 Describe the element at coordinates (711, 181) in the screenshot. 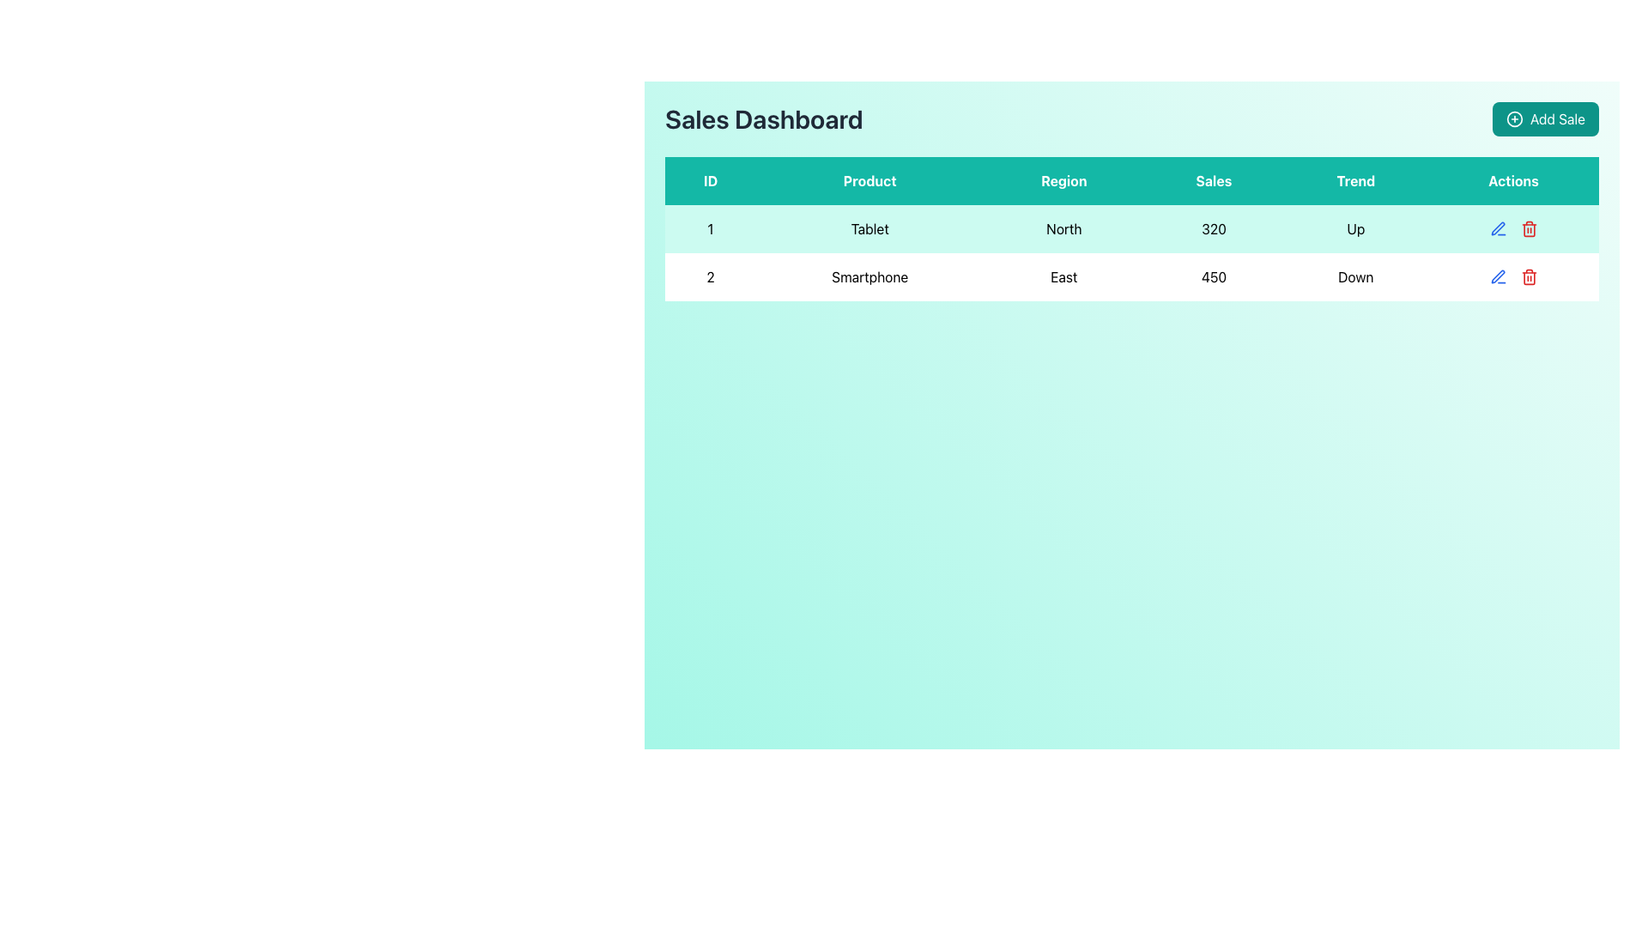

I see `the first Table Header Cell which identifies entries in the corresponding table, located at the top-left corner of the table header` at that location.